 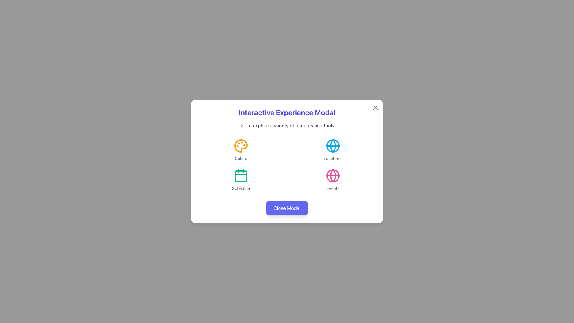 What do you see at coordinates (241, 158) in the screenshot?
I see `the text label 'Colors' which describes the palette icon located in the modal interface, positioned below the amber-colored palette icon at the top-left of the grid layout` at bounding box center [241, 158].